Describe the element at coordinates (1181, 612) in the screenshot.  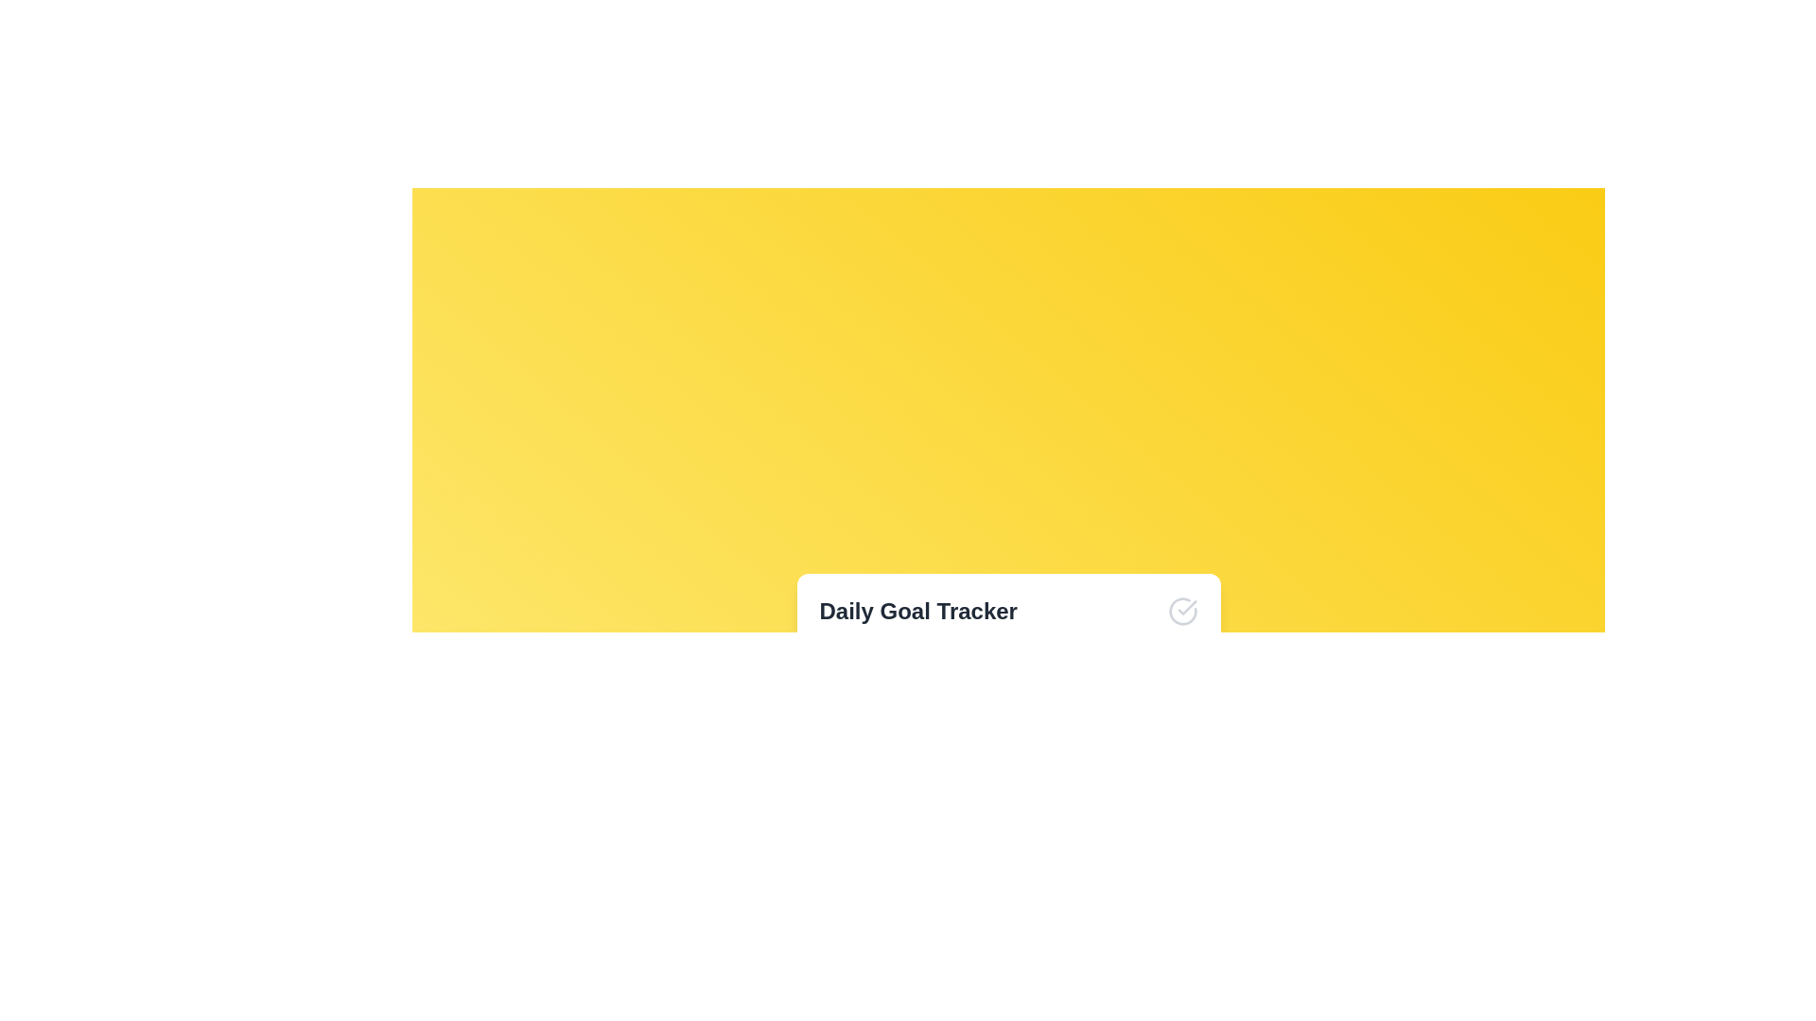
I see `SVG icon that indicates the completion of the 'Daily Goal Tracker' task, located to the right of the corresponding text` at that location.